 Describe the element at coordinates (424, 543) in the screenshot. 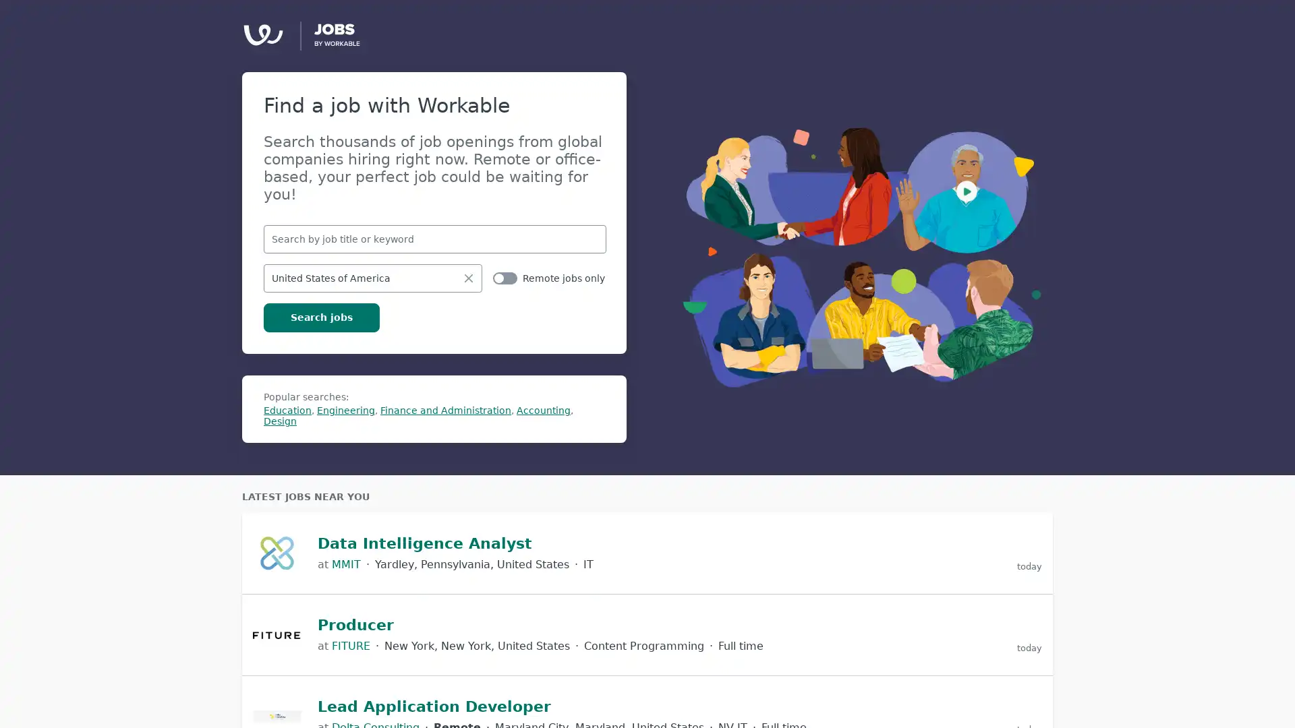

I see `Data Intelligence Analyst` at that location.